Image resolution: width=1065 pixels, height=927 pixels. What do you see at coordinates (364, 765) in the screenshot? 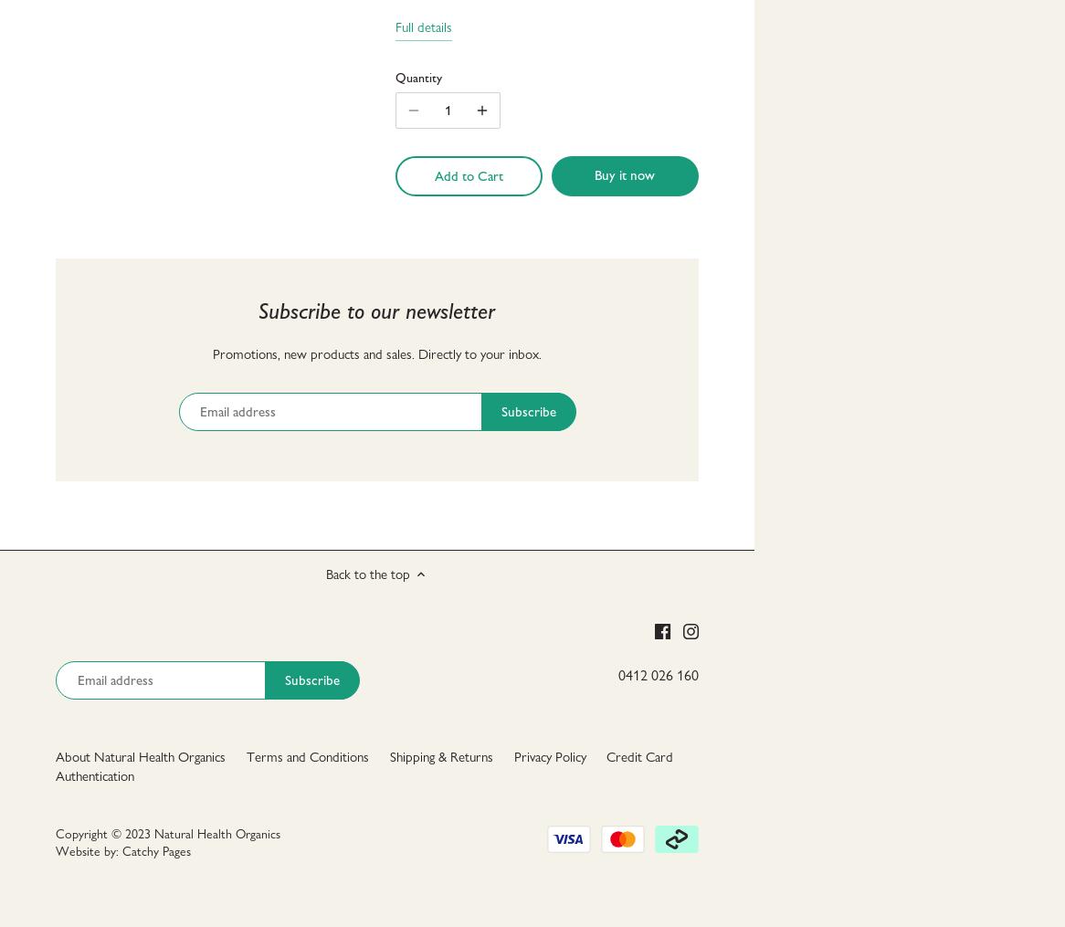
I see `'Credit Card Authentication'` at bounding box center [364, 765].